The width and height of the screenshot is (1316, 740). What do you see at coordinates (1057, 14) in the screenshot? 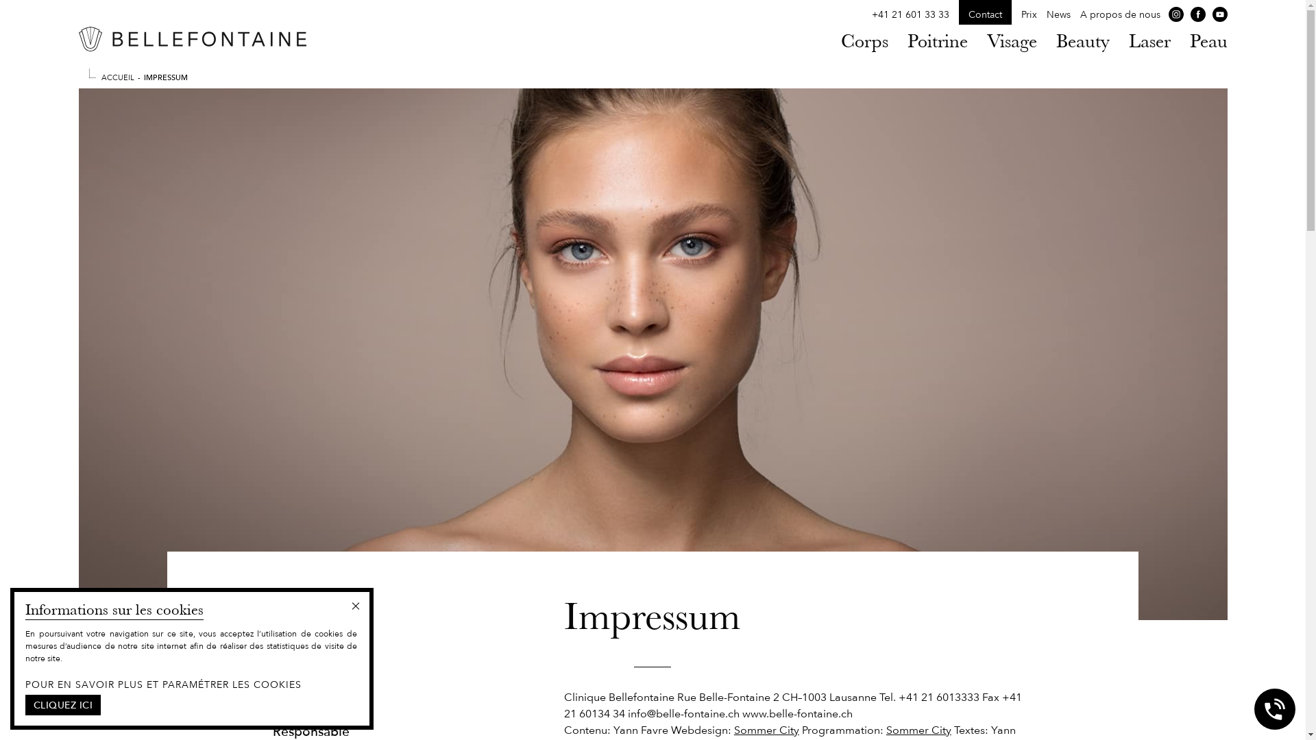
I see `'News'` at bounding box center [1057, 14].